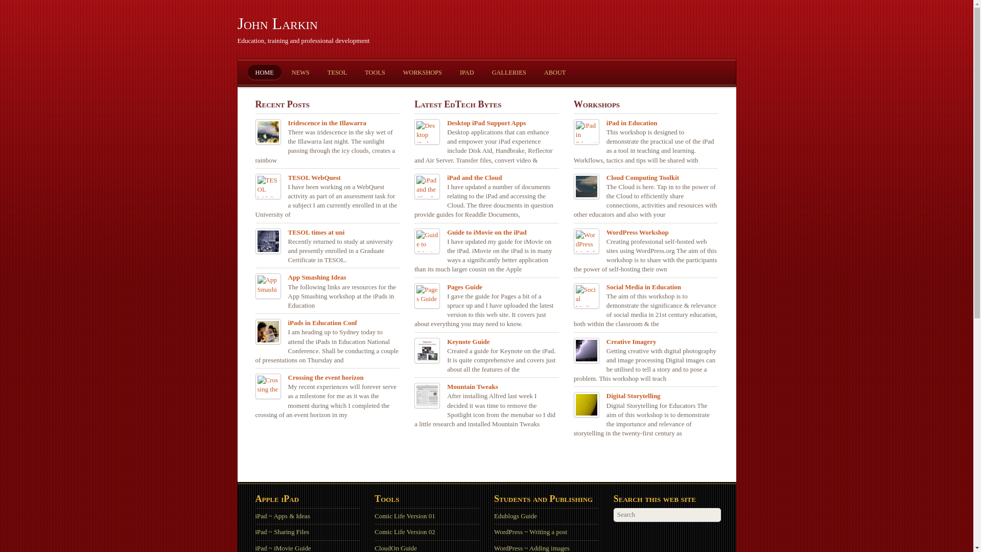 This screenshot has width=981, height=552. I want to click on 'WordPress ~ Writing a post', so click(530, 531).